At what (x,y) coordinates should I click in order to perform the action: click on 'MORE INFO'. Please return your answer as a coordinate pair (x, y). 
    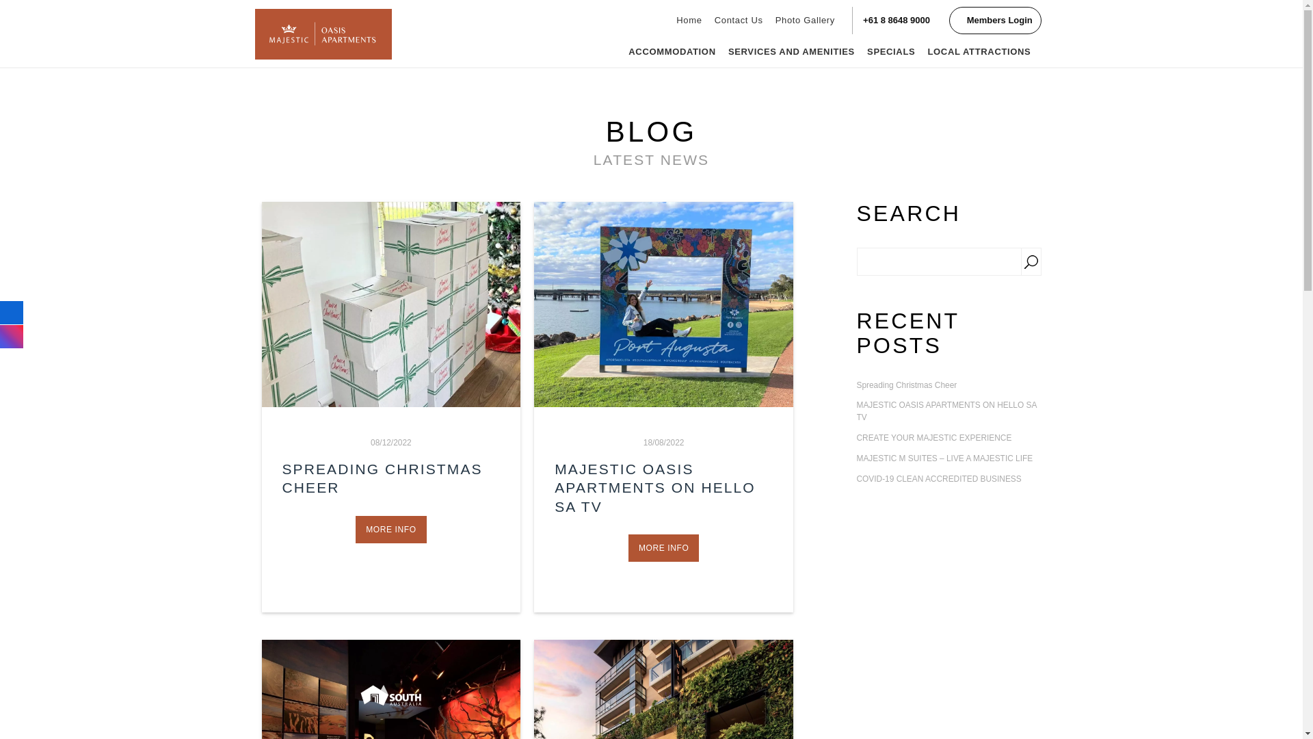
    Looking at the image, I should click on (663, 547).